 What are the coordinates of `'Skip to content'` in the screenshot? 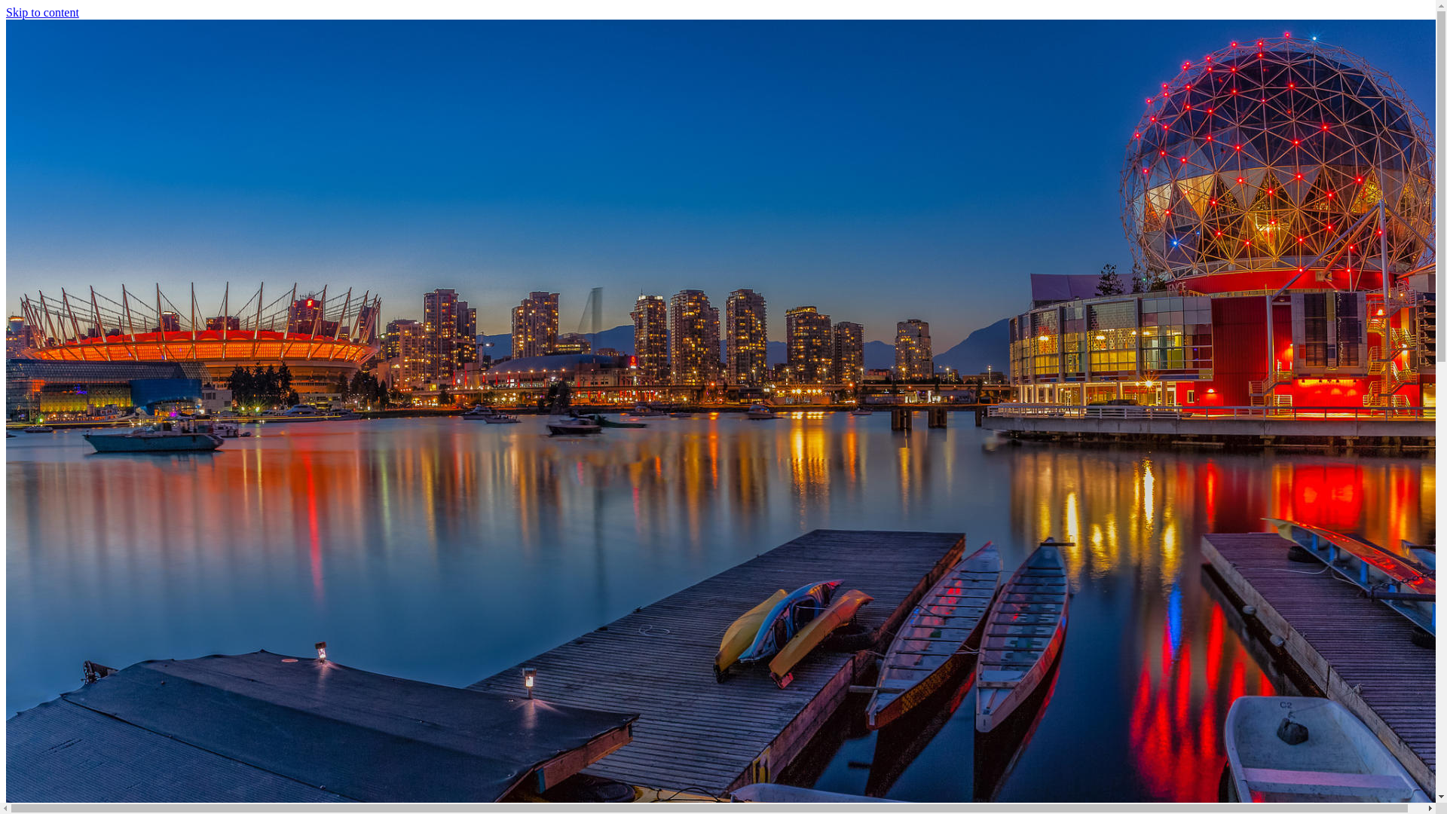 It's located at (42, 12).